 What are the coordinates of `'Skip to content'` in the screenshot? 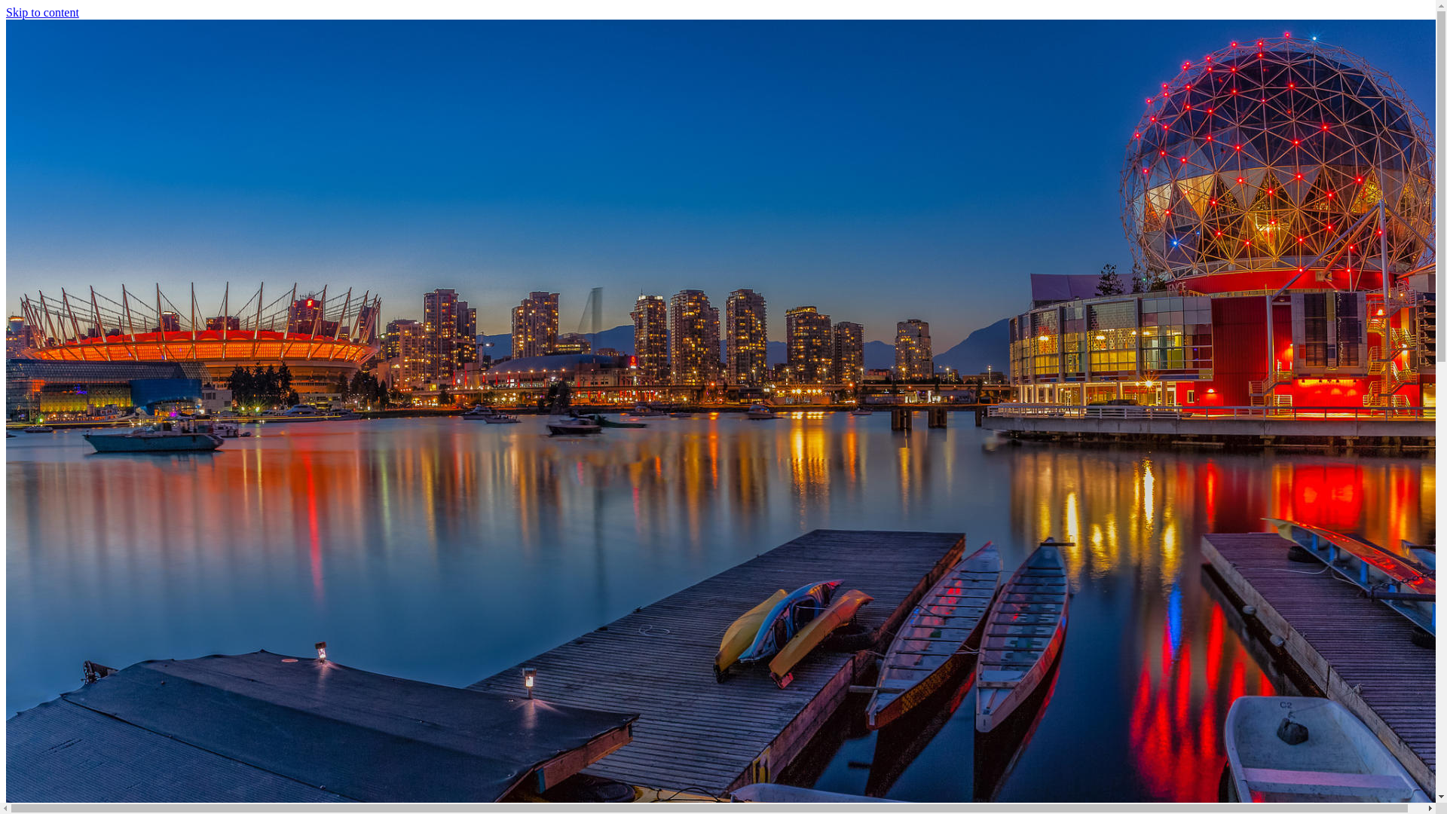 It's located at (42, 12).